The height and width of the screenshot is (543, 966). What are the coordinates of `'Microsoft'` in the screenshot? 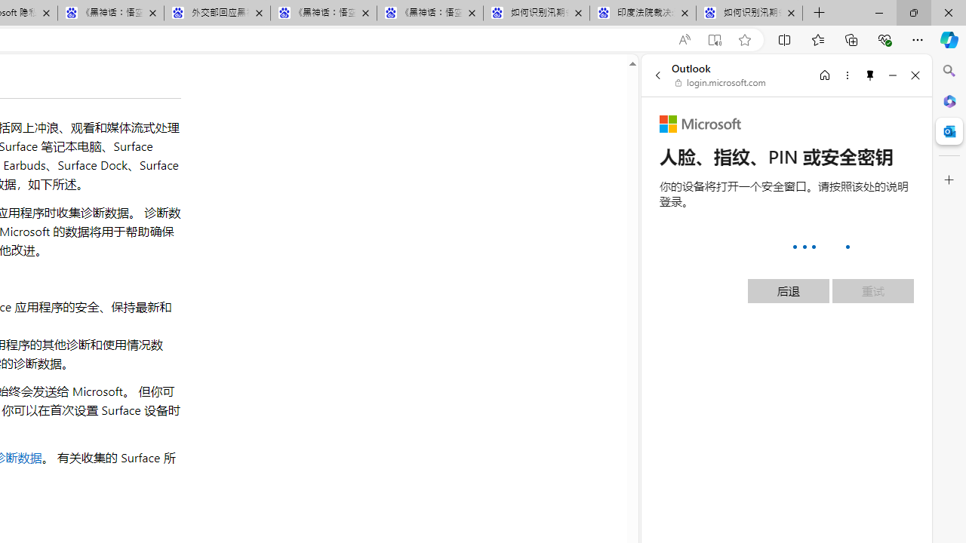 It's located at (700, 124).